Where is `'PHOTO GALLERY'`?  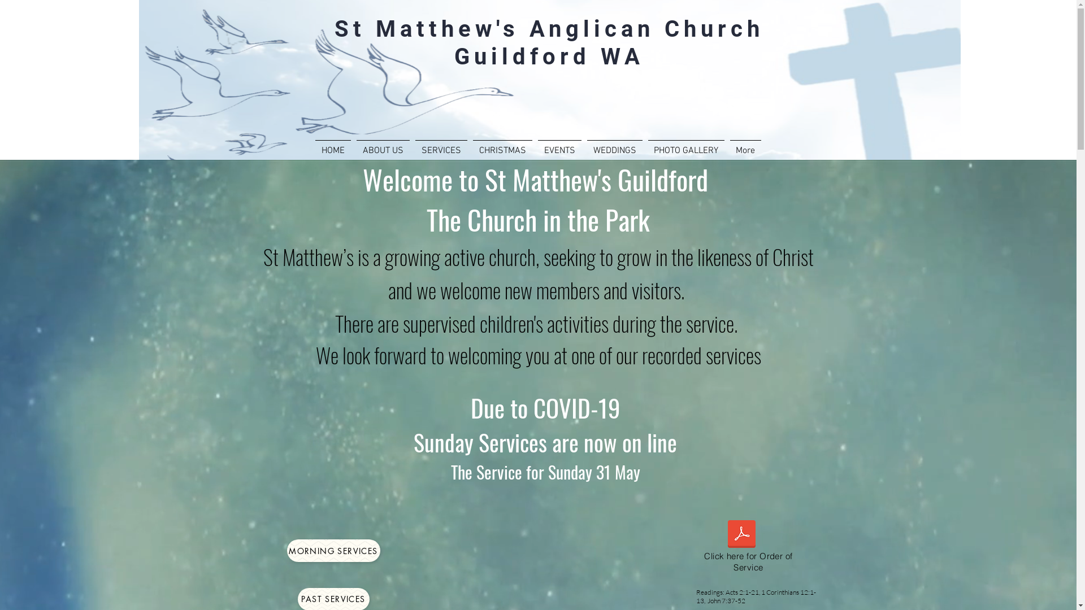
'PHOTO GALLERY' is located at coordinates (645, 145).